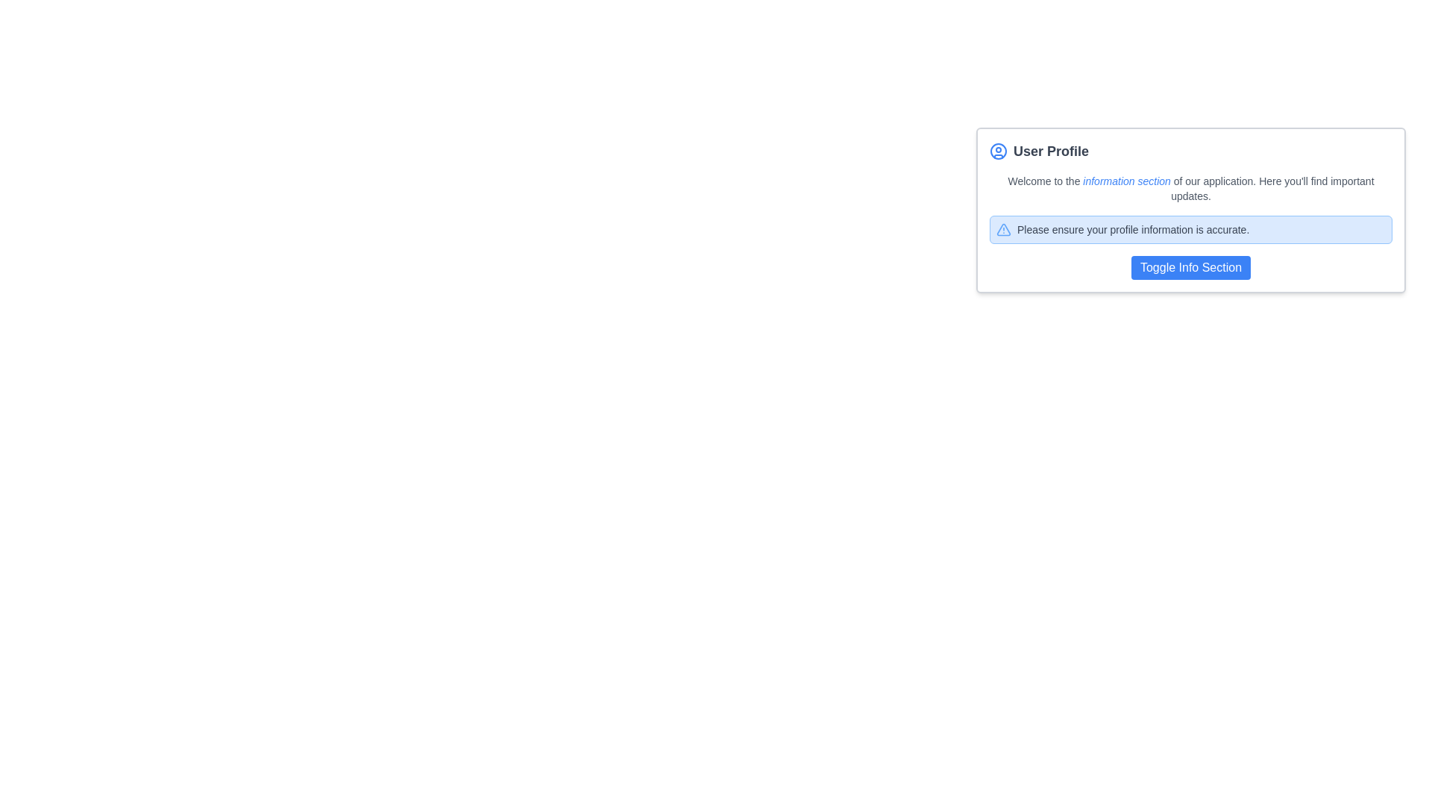 This screenshot has height=806, width=1432. I want to click on the 'information section' text located below the 'User Profile' header, so click(1190, 188).